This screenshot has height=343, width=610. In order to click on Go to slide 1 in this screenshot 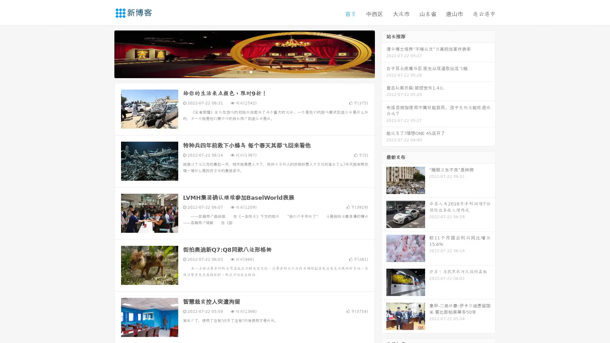, I will do `click(238, 71)`.